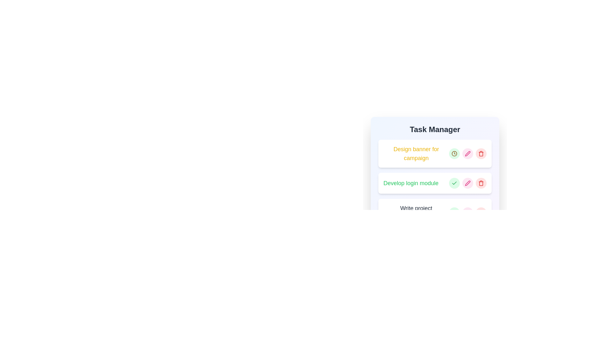 The image size is (611, 343). Describe the element at coordinates (454, 153) in the screenshot. I see `the clock icon located at the top-right corner of the 'Design banner for campaign' task row in the task manager interface` at that location.